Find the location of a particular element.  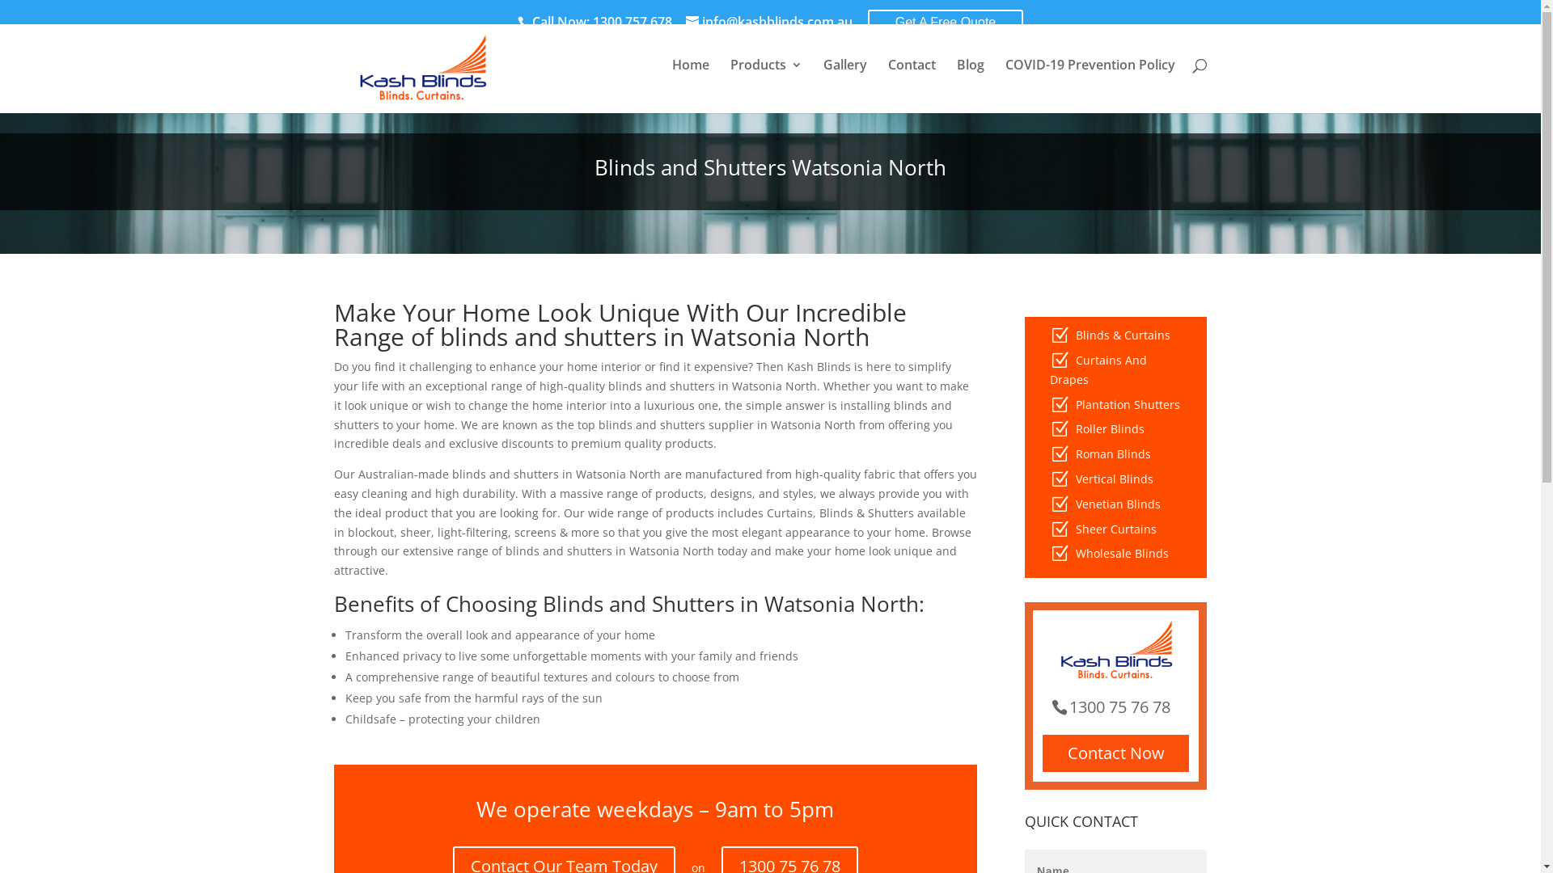

'info@kashblinds.com.au' is located at coordinates (768, 22).